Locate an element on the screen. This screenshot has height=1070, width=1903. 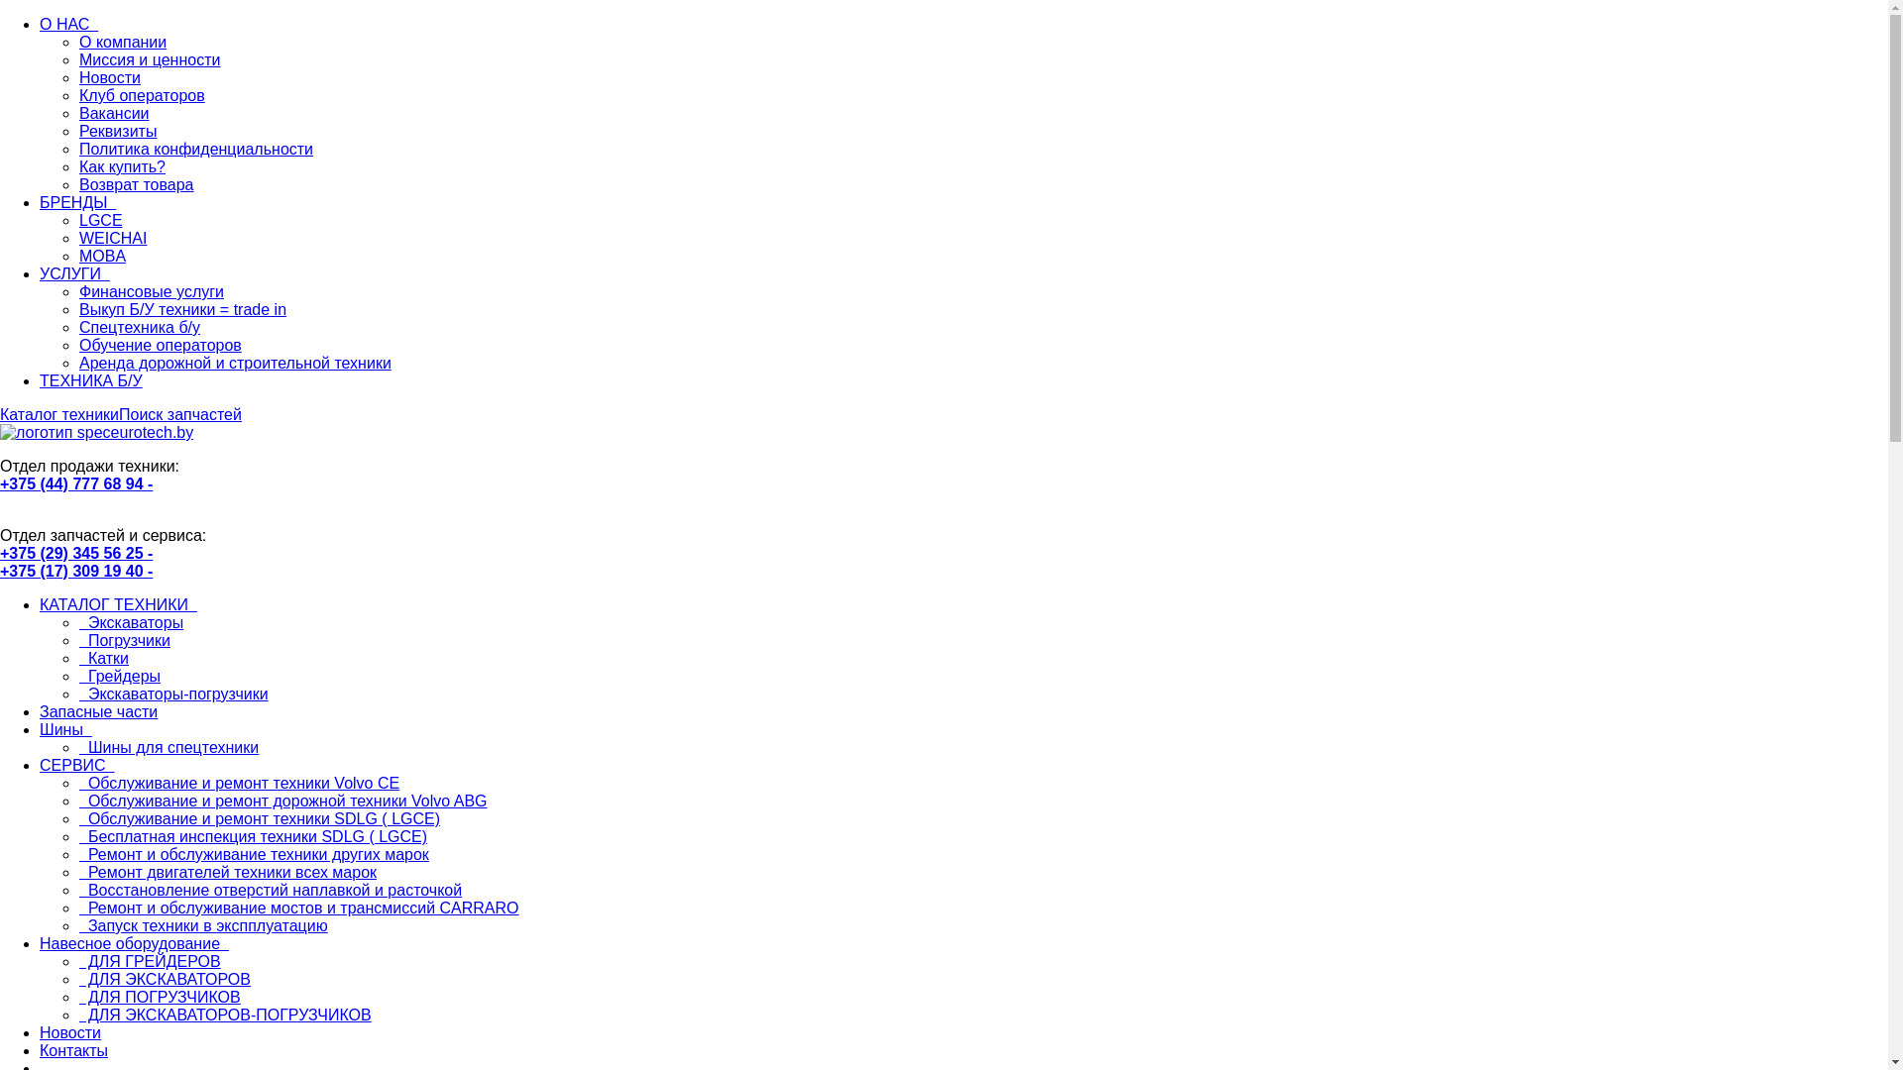
'+375 (44) 777 68 94 -' is located at coordinates (75, 483).